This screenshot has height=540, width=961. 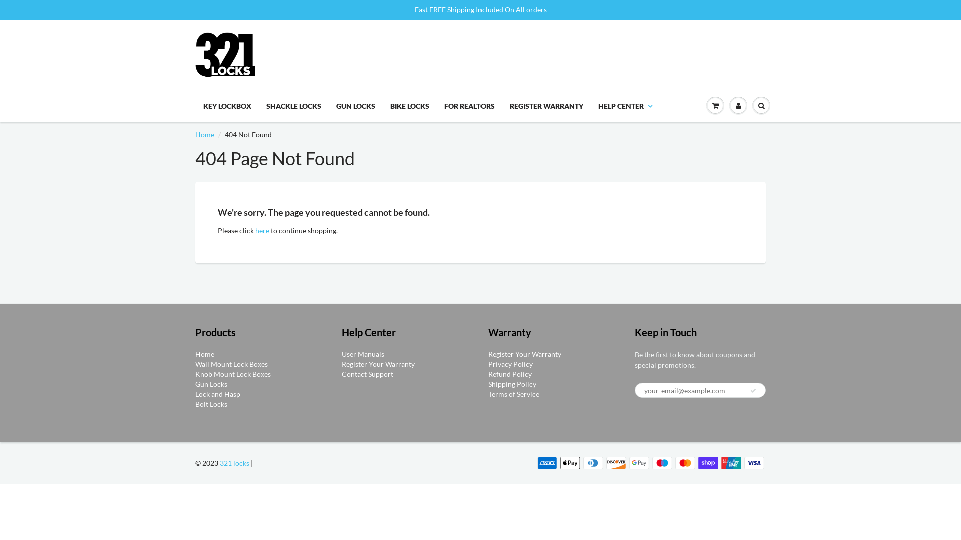 What do you see at coordinates (366, 374) in the screenshot?
I see `'Contact Support'` at bounding box center [366, 374].